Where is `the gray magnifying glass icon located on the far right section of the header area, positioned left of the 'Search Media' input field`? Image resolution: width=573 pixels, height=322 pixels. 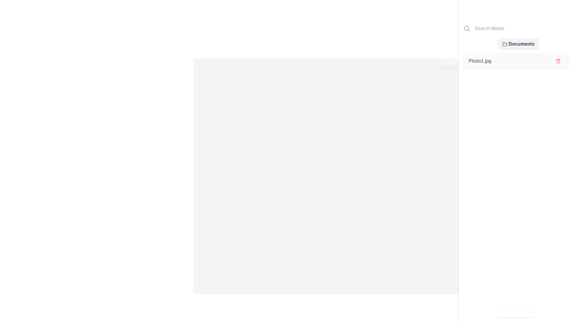
the gray magnifying glass icon located on the far right section of the header area, positioned left of the 'Search Media' input field is located at coordinates (466, 29).